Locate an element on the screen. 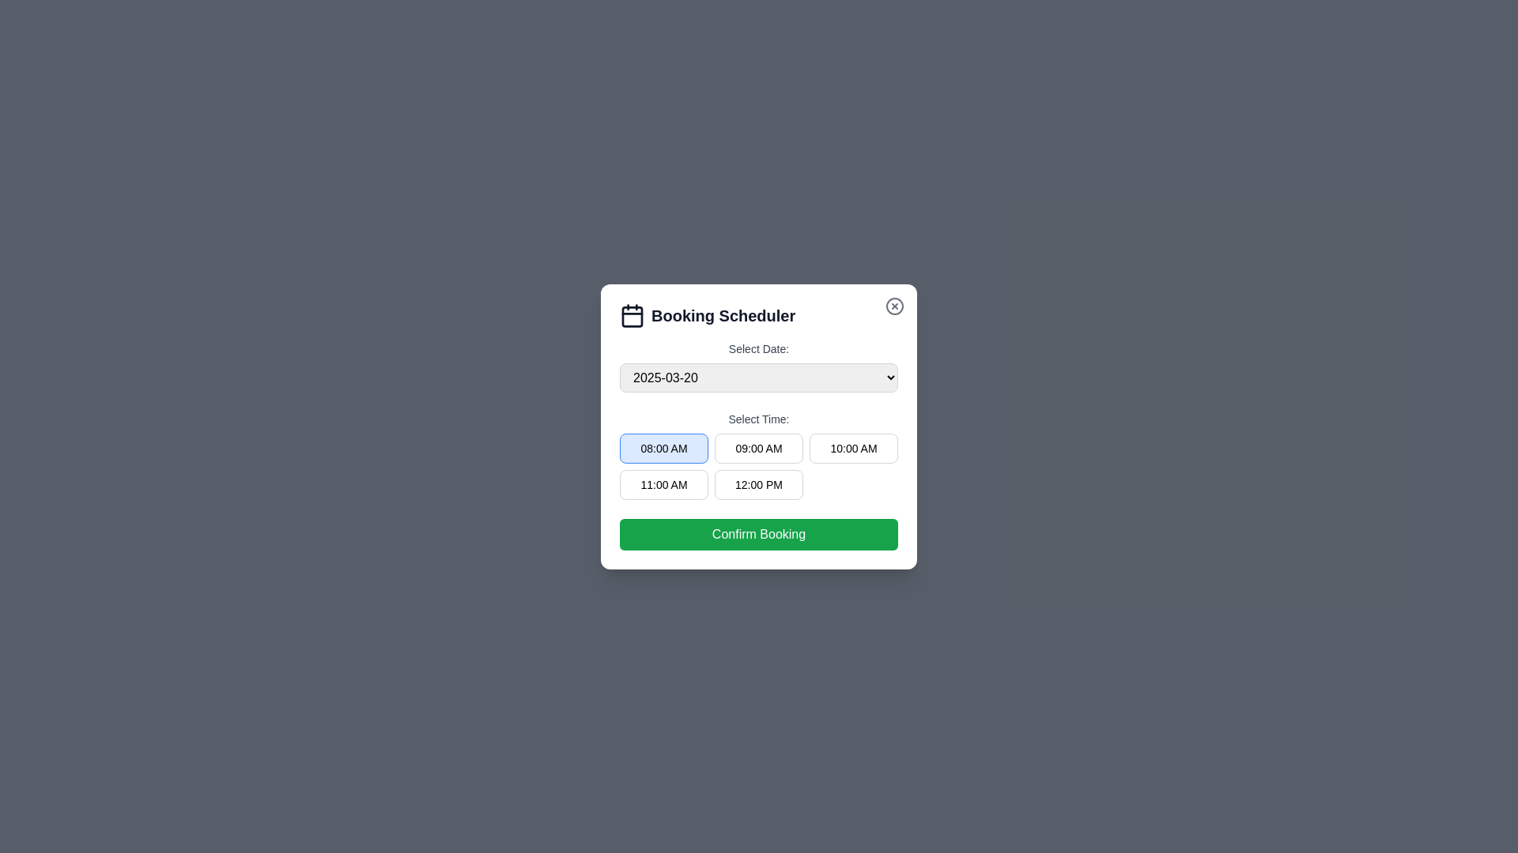 This screenshot has width=1518, height=853. the green 'Confirm Booking' button located at the bottom of the modal window to confirm the booking is located at coordinates (759, 533).